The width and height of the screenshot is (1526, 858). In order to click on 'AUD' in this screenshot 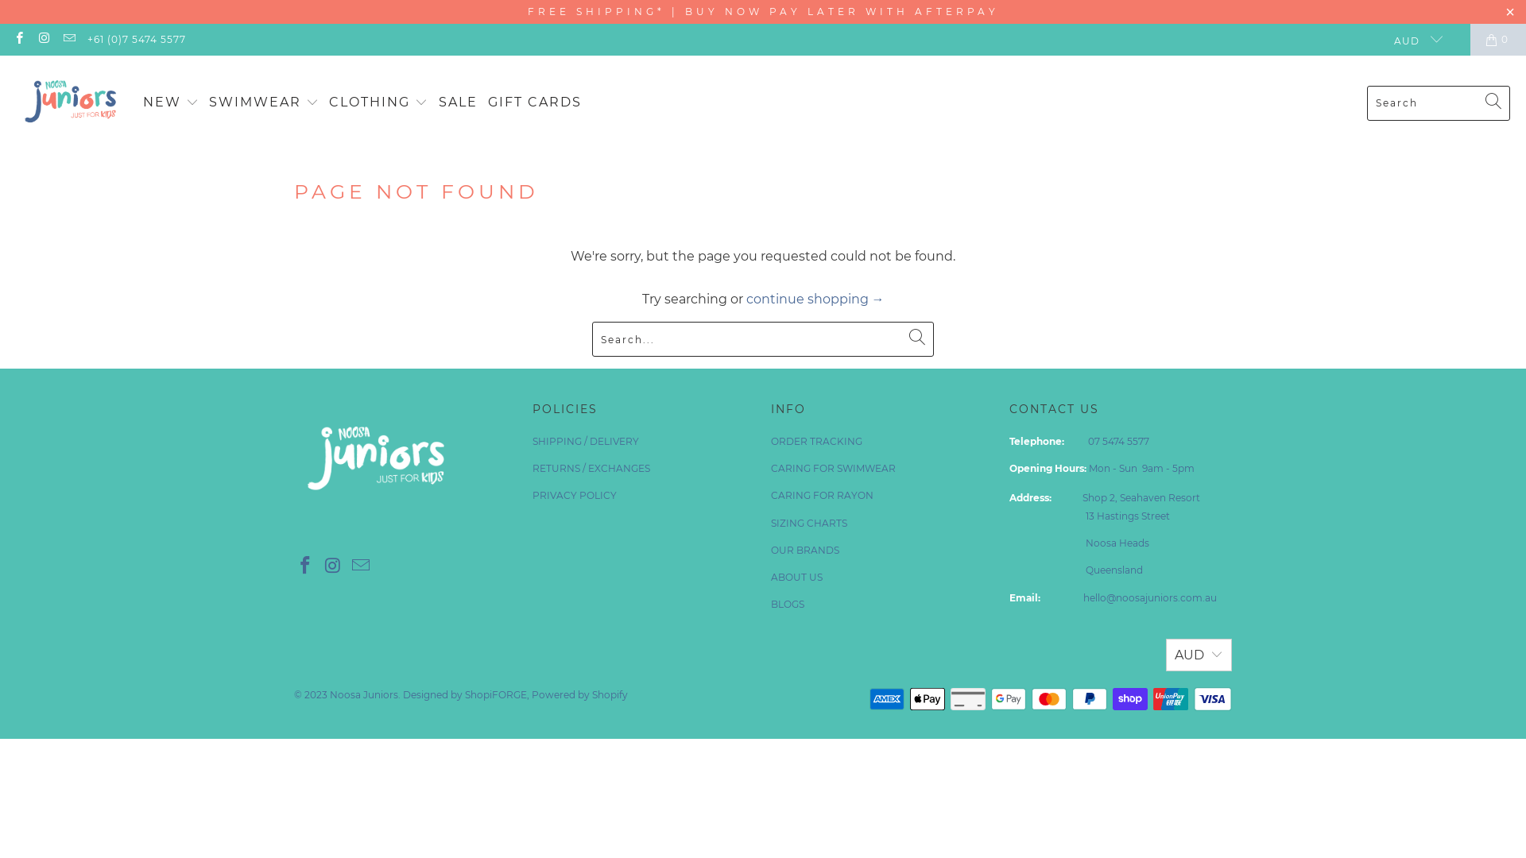, I will do `click(1380, 39)`.